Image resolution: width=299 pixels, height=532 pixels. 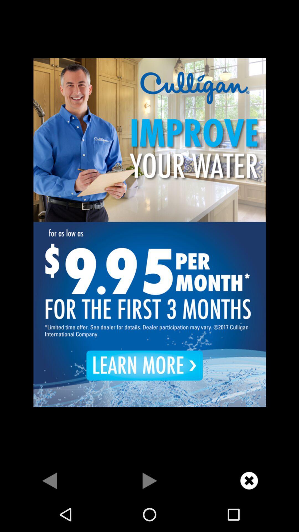 I want to click on go next, so click(x=149, y=480).